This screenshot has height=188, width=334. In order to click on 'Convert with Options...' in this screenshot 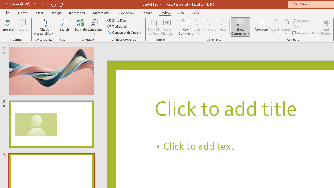, I will do `click(125, 32)`.